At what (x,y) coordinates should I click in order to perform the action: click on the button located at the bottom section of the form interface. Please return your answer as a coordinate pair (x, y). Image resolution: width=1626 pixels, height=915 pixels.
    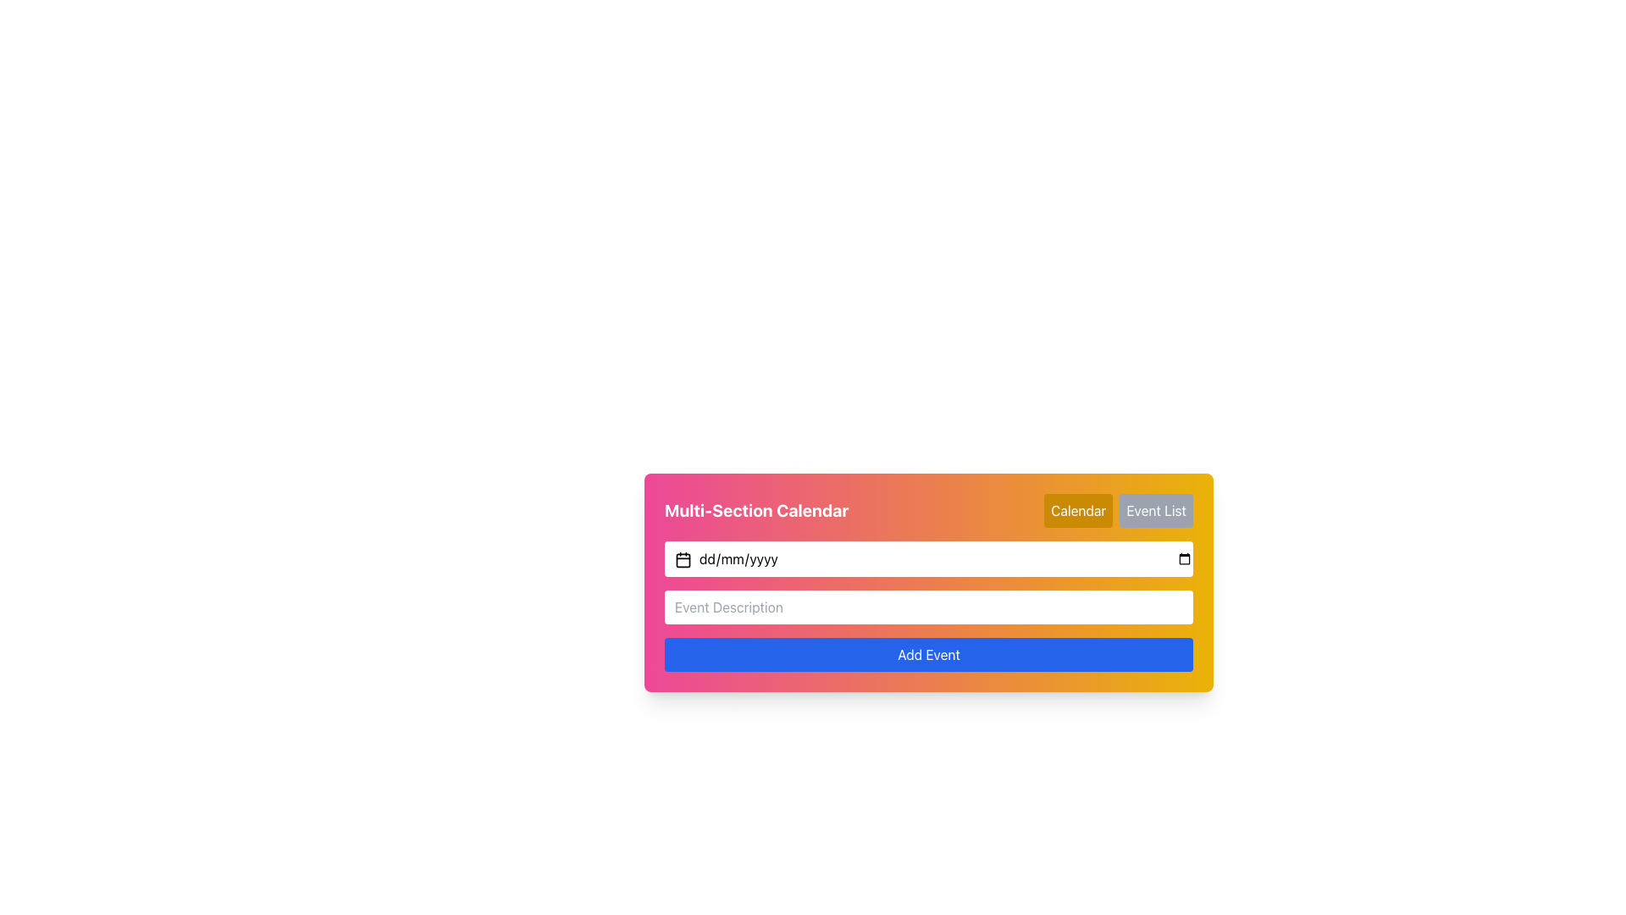
    Looking at the image, I should click on (928, 653).